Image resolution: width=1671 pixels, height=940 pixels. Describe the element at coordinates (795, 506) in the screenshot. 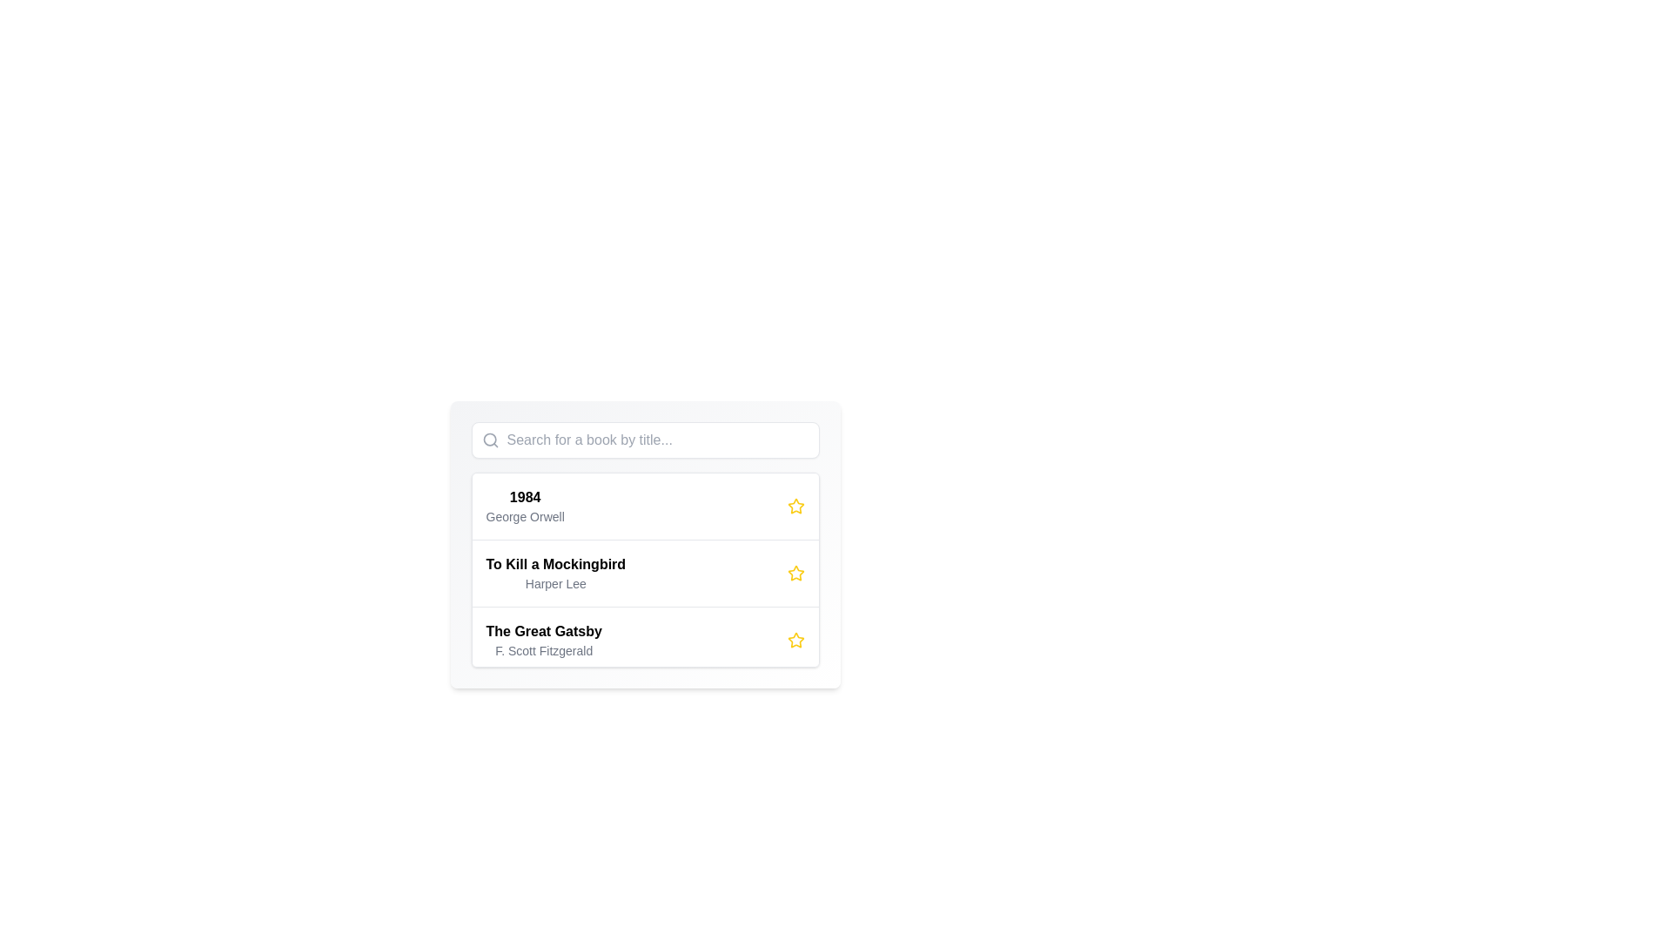

I see `the favoriting icon located to the right of the second book entry, 'To Kill a Mockingbird'` at that location.